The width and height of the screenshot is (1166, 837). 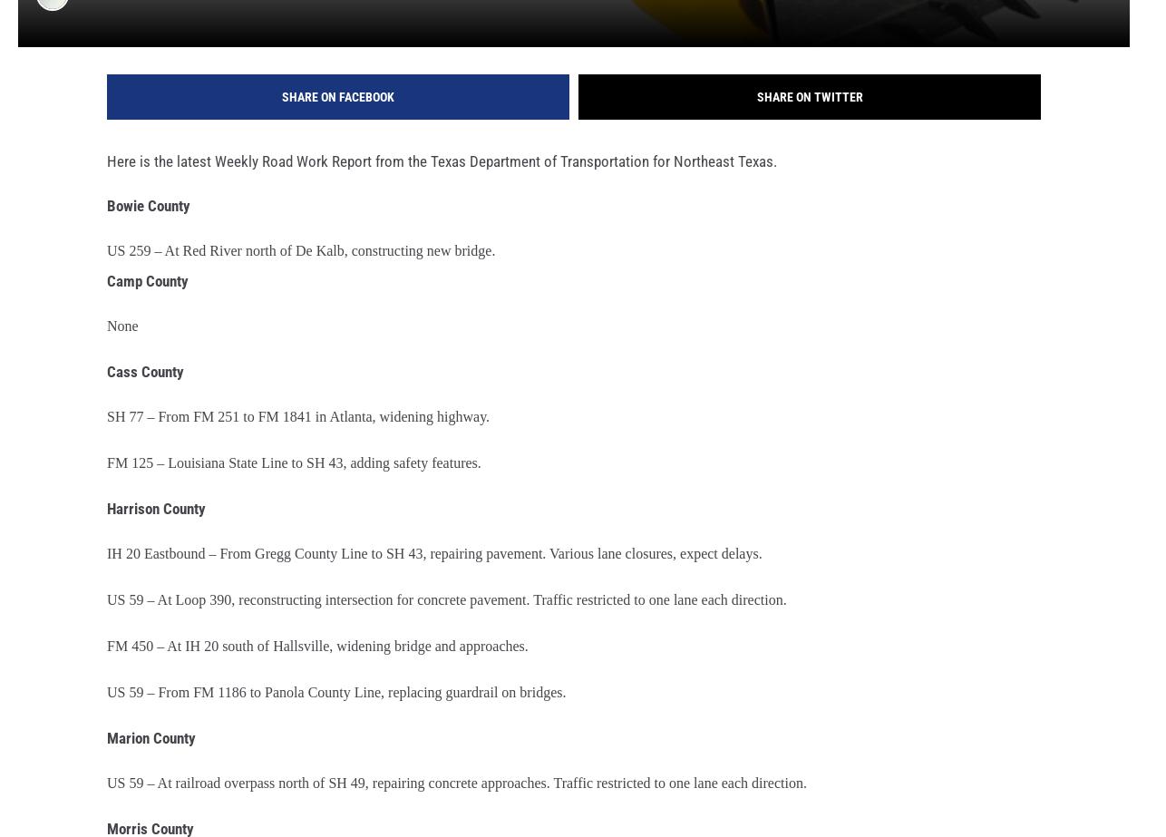 What do you see at coordinates (1058, 6) in the screenshot?
I see `'ThinkStock'` at bounding box center [1058, 6].